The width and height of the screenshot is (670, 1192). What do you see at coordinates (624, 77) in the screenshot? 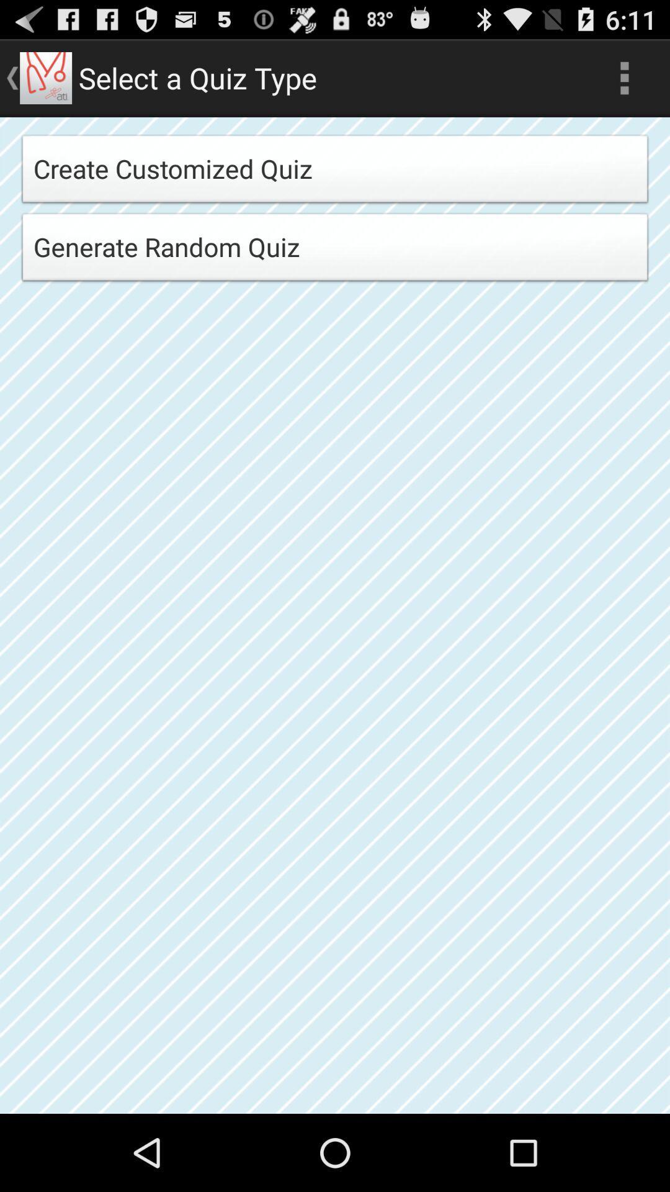
I see `icon above the create customized quiz button` at bounding box center [624, 77].